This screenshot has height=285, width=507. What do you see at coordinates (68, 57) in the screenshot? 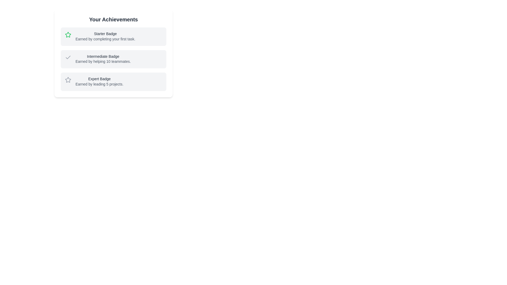
I see `the checkmark icon that indicates the 'Intermediate Badge', which is located to the left of the text 'Earned by helping 10 teammates'` at bounding box center [68, 57].